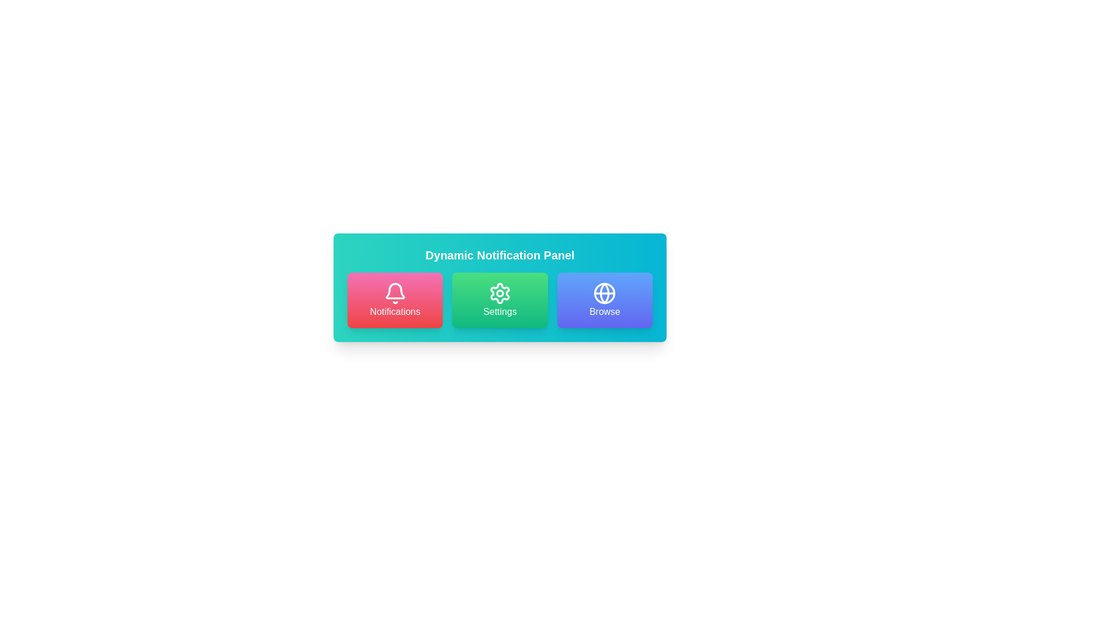 The height and width of the screenshot is (624, 1110). Describe the element at coordinates (499, 300) in the screenshot. I see `the settings button, which is the second button in a horizontal alignment of three buttons in the interface layout` at that location.